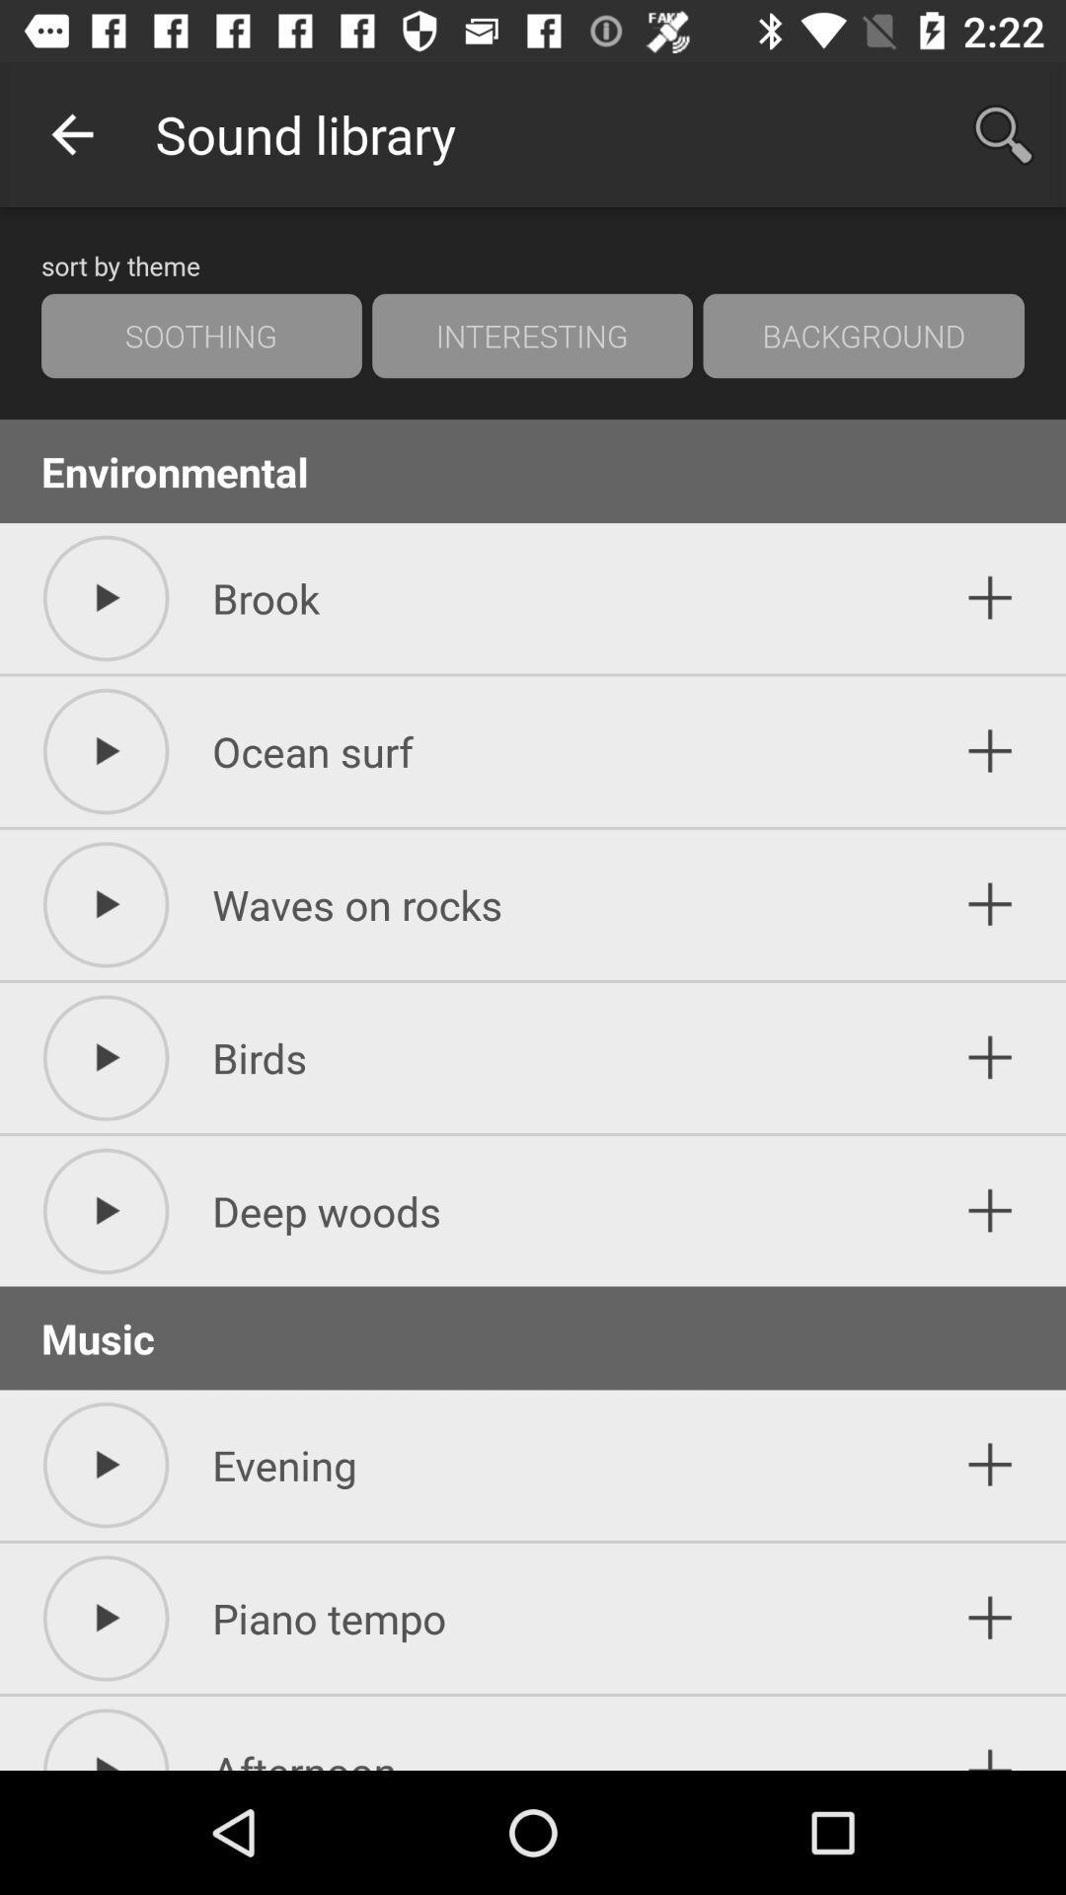 The image size is (1066, 1895). I want to click on the item above the environmental item, so click(531, 336).